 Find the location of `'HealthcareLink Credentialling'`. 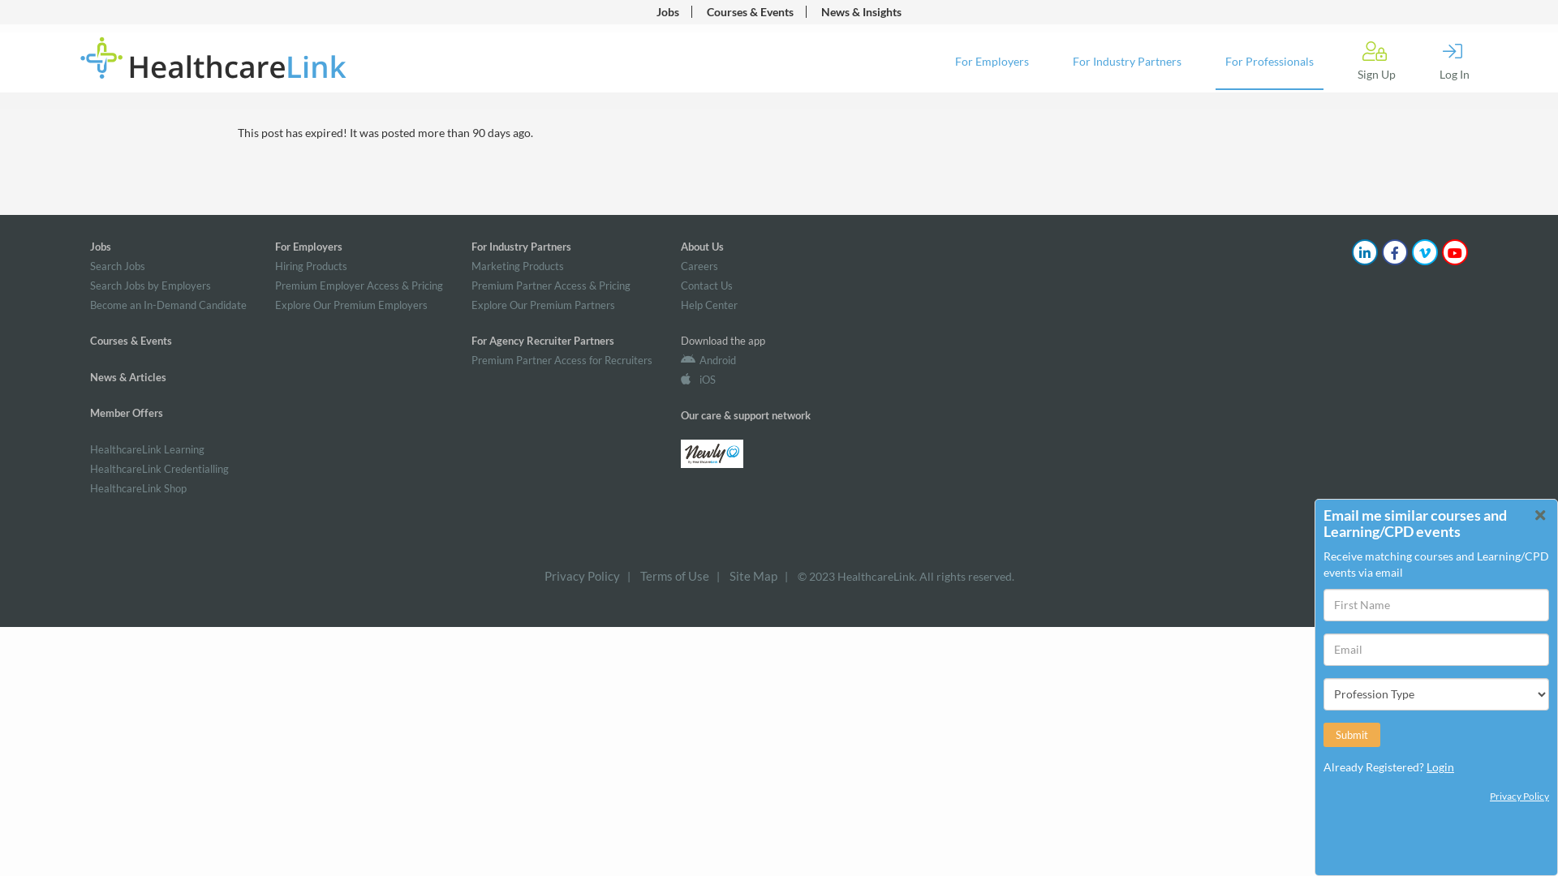

'HealthcareLink Credentialling' is located at coordinates (159, 469).